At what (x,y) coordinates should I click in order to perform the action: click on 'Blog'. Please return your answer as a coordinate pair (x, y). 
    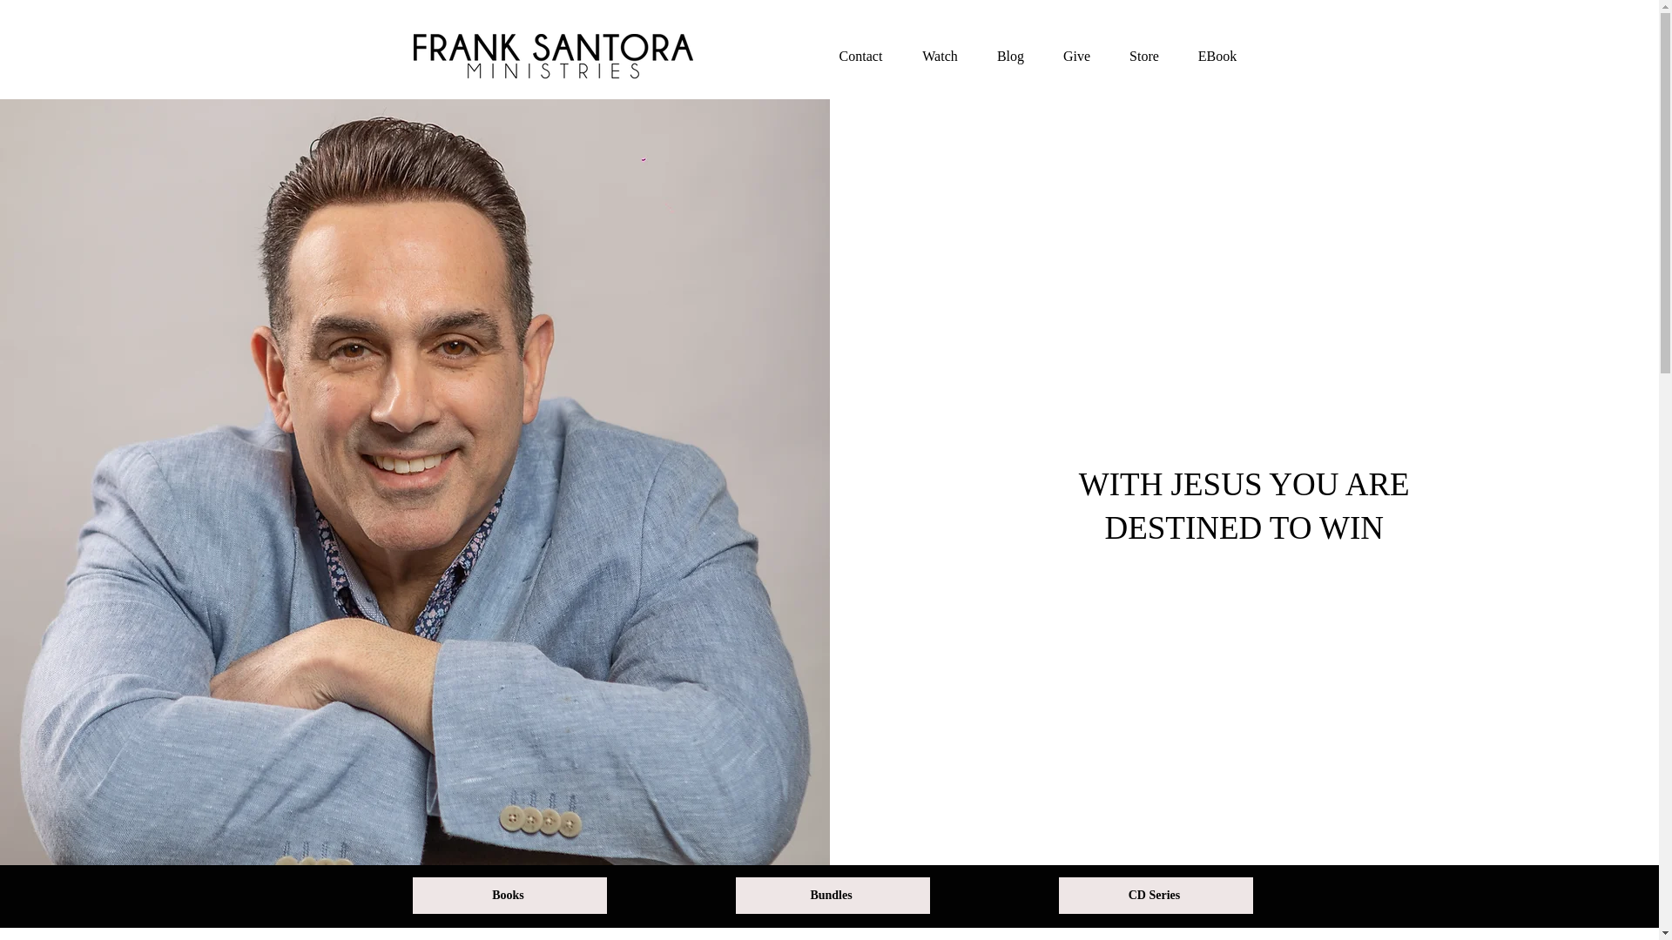
    Looking at the image, I should click on (1010, 56).